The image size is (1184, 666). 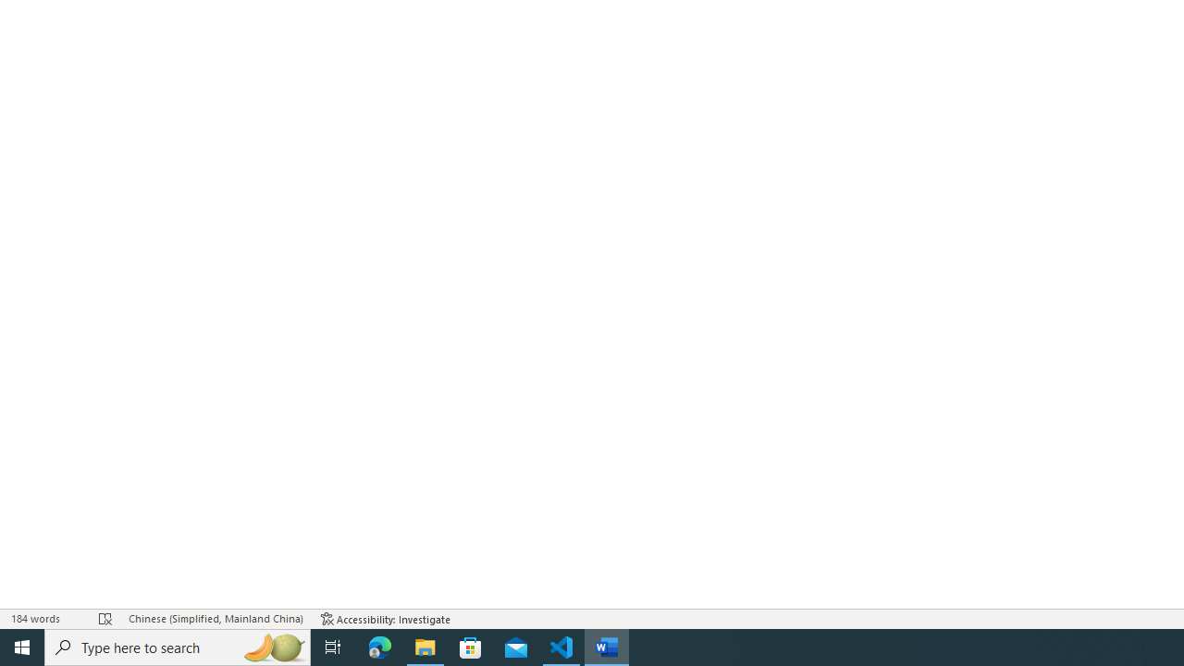 I want to click on 'Accessibility Checker Accessibility: Investigate', so click(x=385, y=619).